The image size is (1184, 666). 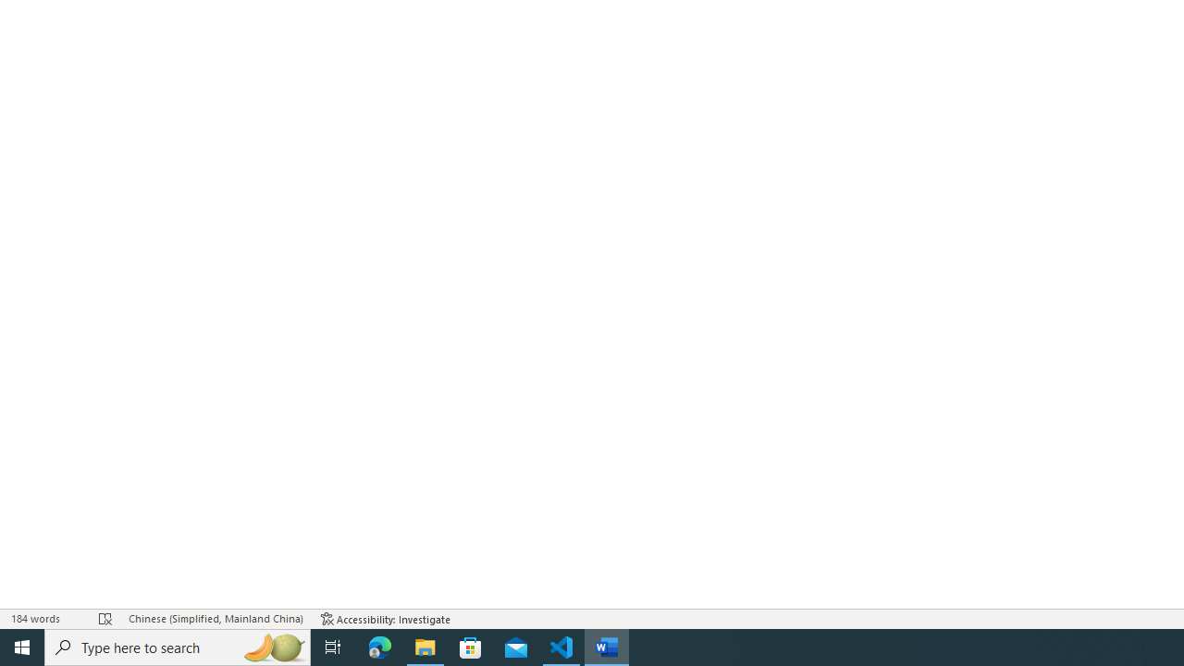 I want to click on 'Accessibility Checker Accessibility: Investigate', so click(x=385, y=619).